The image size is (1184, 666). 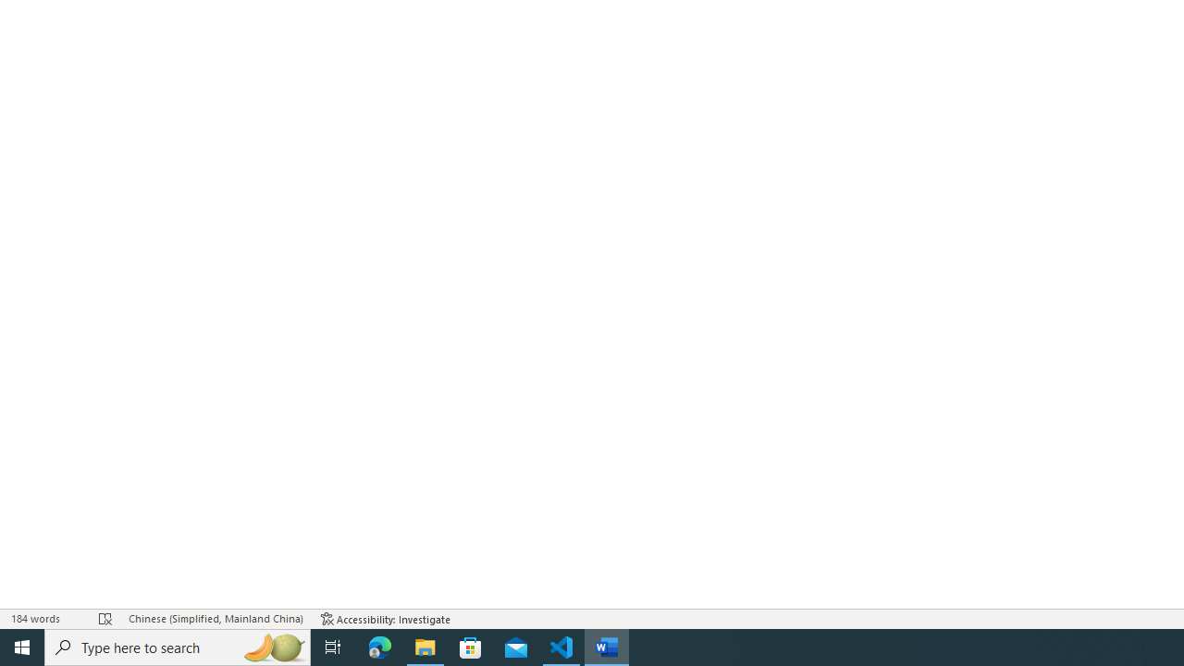 I want to click on 'Accessibility Checker Accessibility: Investigate', so click(x=385, y=619).